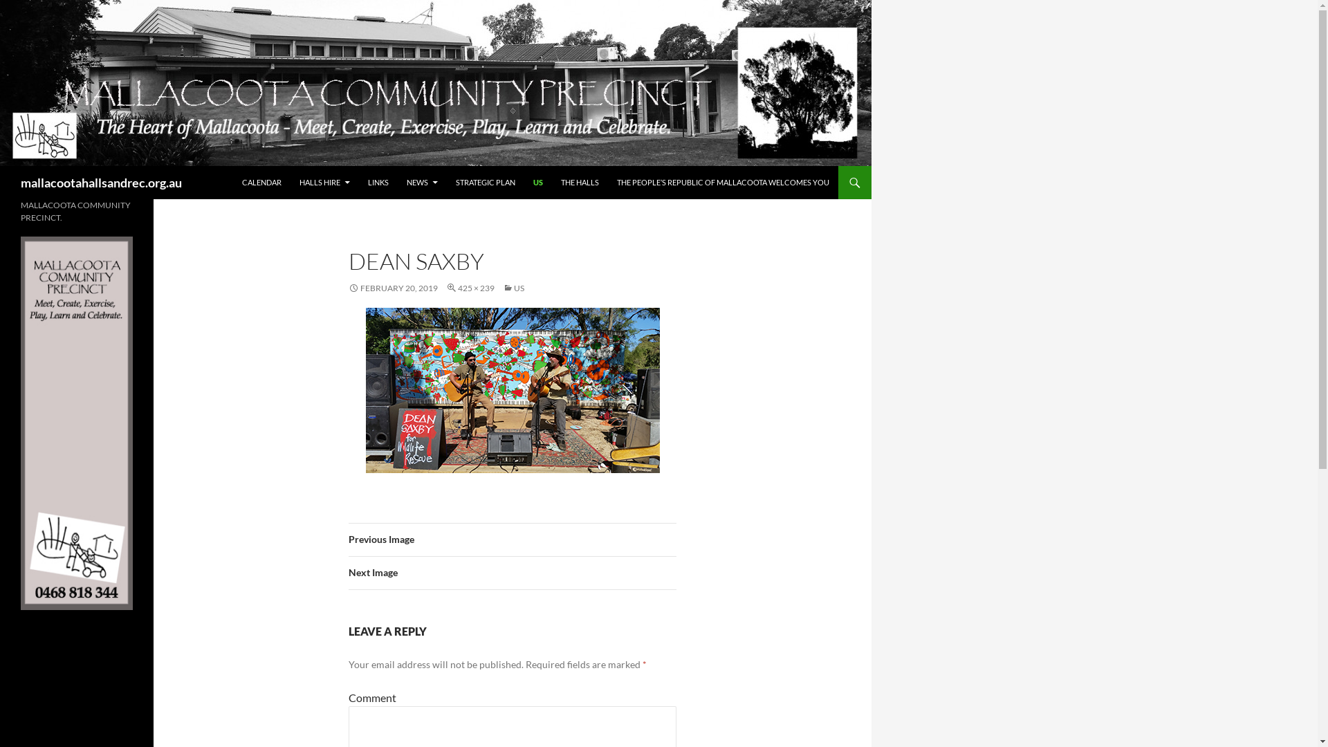  Describe the element at coordinates (580, 181) in the screenshot. I see `'THE HALLS'` at that location.